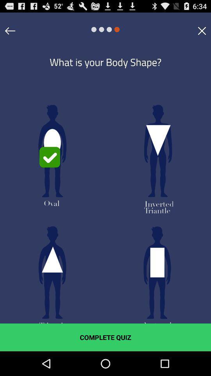 Image resolution: width=211 pixels, height=376 pixels. Describe the element at coordinates (202, 31) in the screenshot. I see `click close option` at that location.